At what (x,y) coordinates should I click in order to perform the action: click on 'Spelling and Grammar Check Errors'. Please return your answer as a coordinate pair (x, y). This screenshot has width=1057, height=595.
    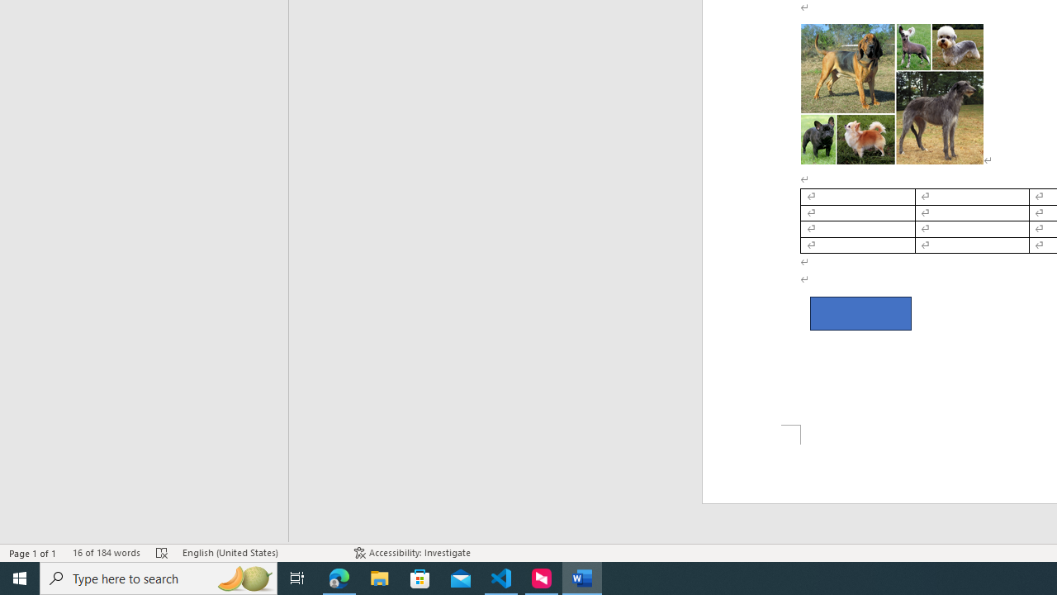
    Looking at the image, I should click on (162, 553).